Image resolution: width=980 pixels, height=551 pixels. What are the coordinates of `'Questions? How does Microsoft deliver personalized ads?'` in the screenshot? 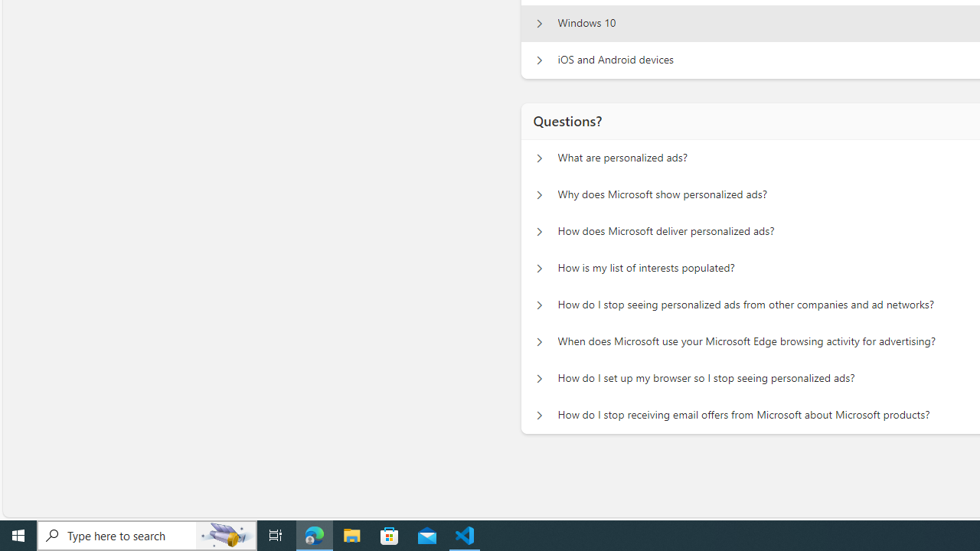 It's located at (539, 232).